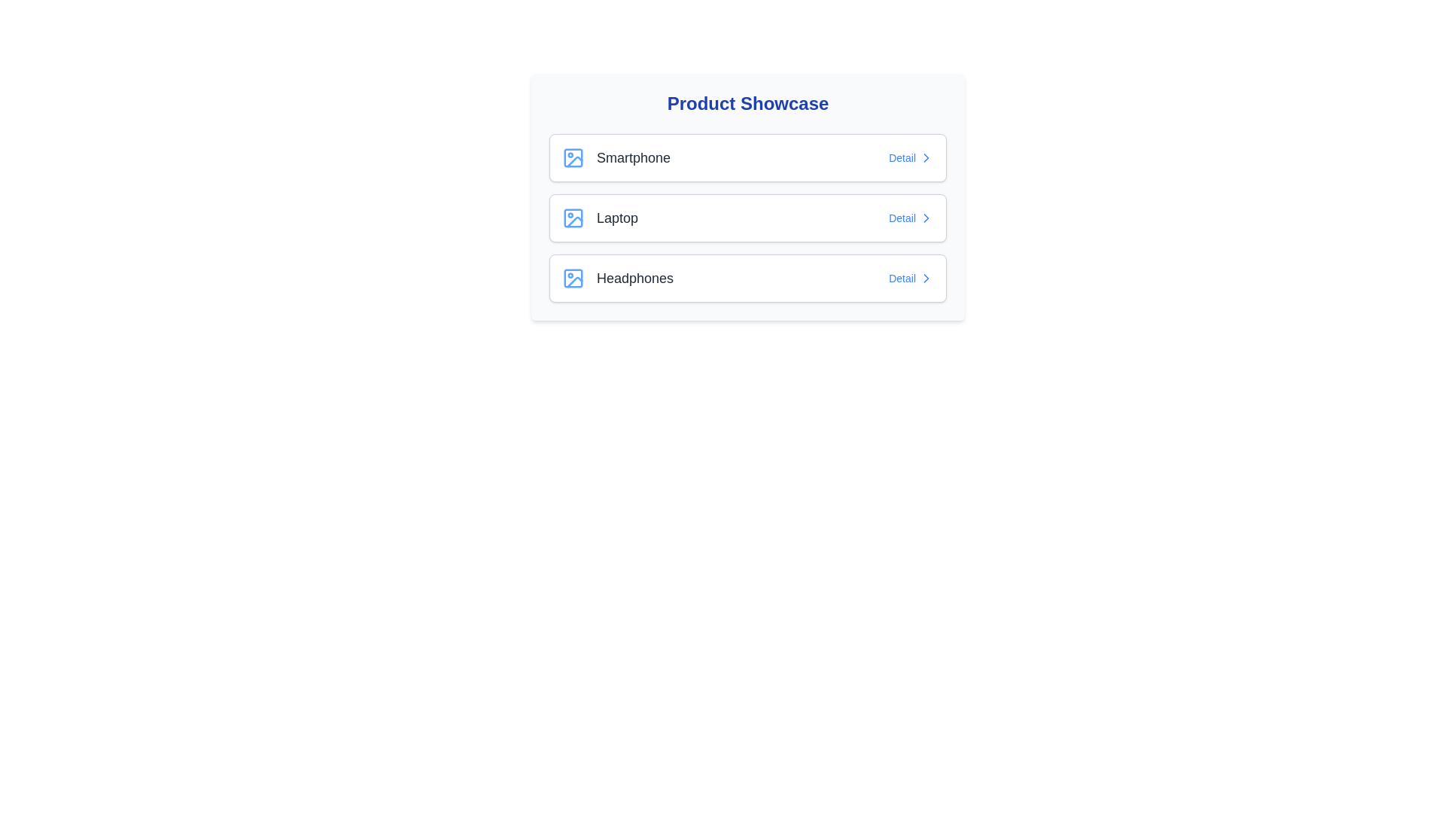 This screenshot has width=1445, height=813. What do you see at coordinates (617, 279) in the screenshot?
I see `the text description of the product Headphones for copying` at bounding box center [617, 279].